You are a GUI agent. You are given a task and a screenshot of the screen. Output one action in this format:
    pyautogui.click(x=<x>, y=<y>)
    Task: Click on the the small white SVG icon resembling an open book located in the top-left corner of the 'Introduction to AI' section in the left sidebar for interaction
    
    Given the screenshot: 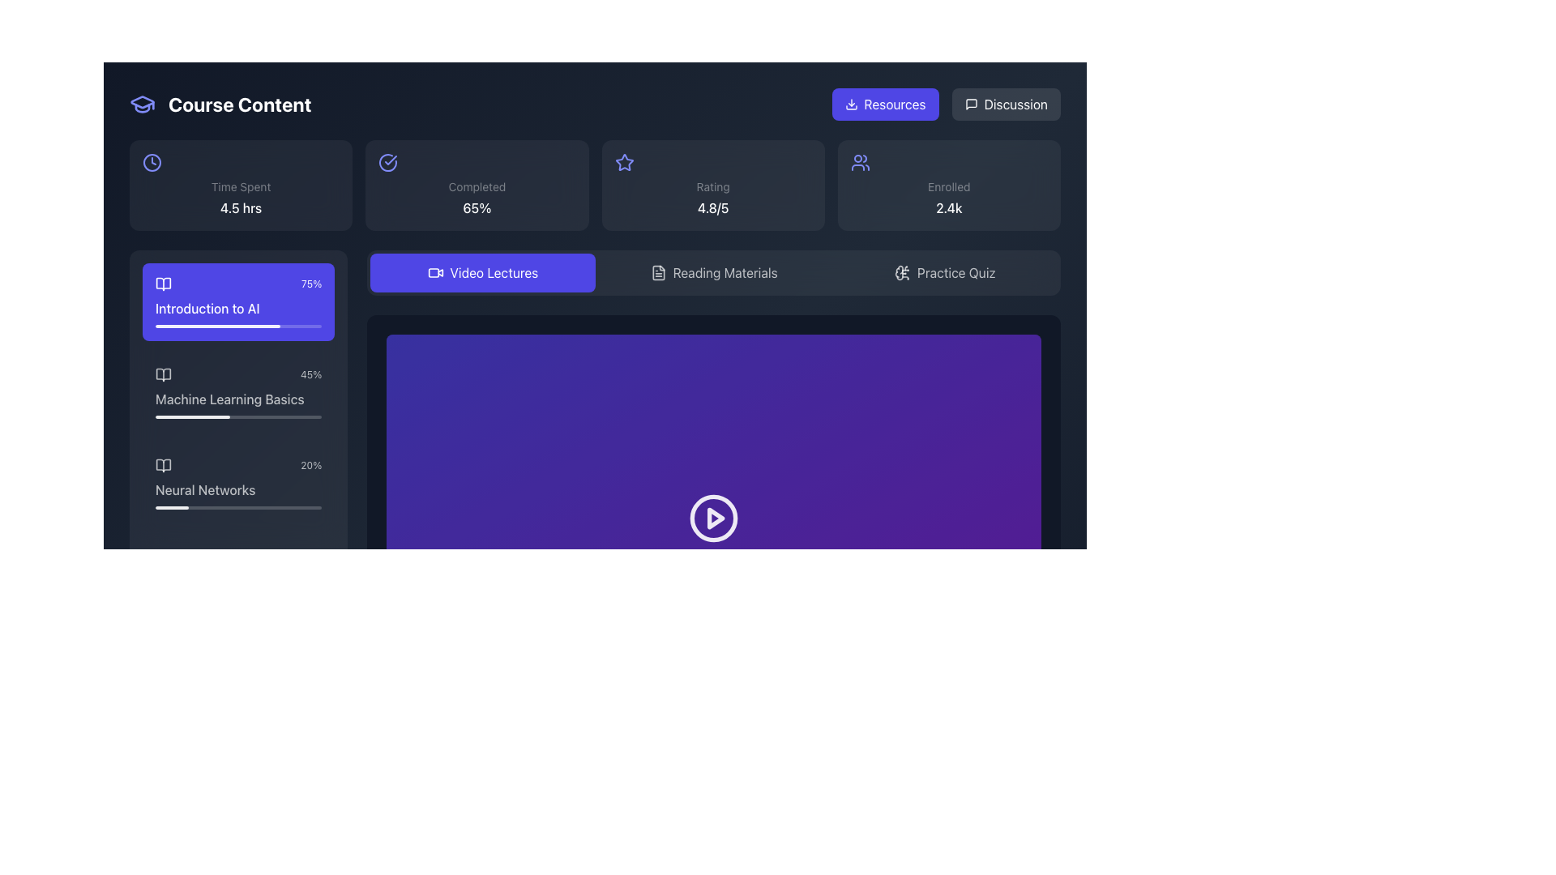 What is the action you would take?
    pyautogui.click(x=163, y=284)
    